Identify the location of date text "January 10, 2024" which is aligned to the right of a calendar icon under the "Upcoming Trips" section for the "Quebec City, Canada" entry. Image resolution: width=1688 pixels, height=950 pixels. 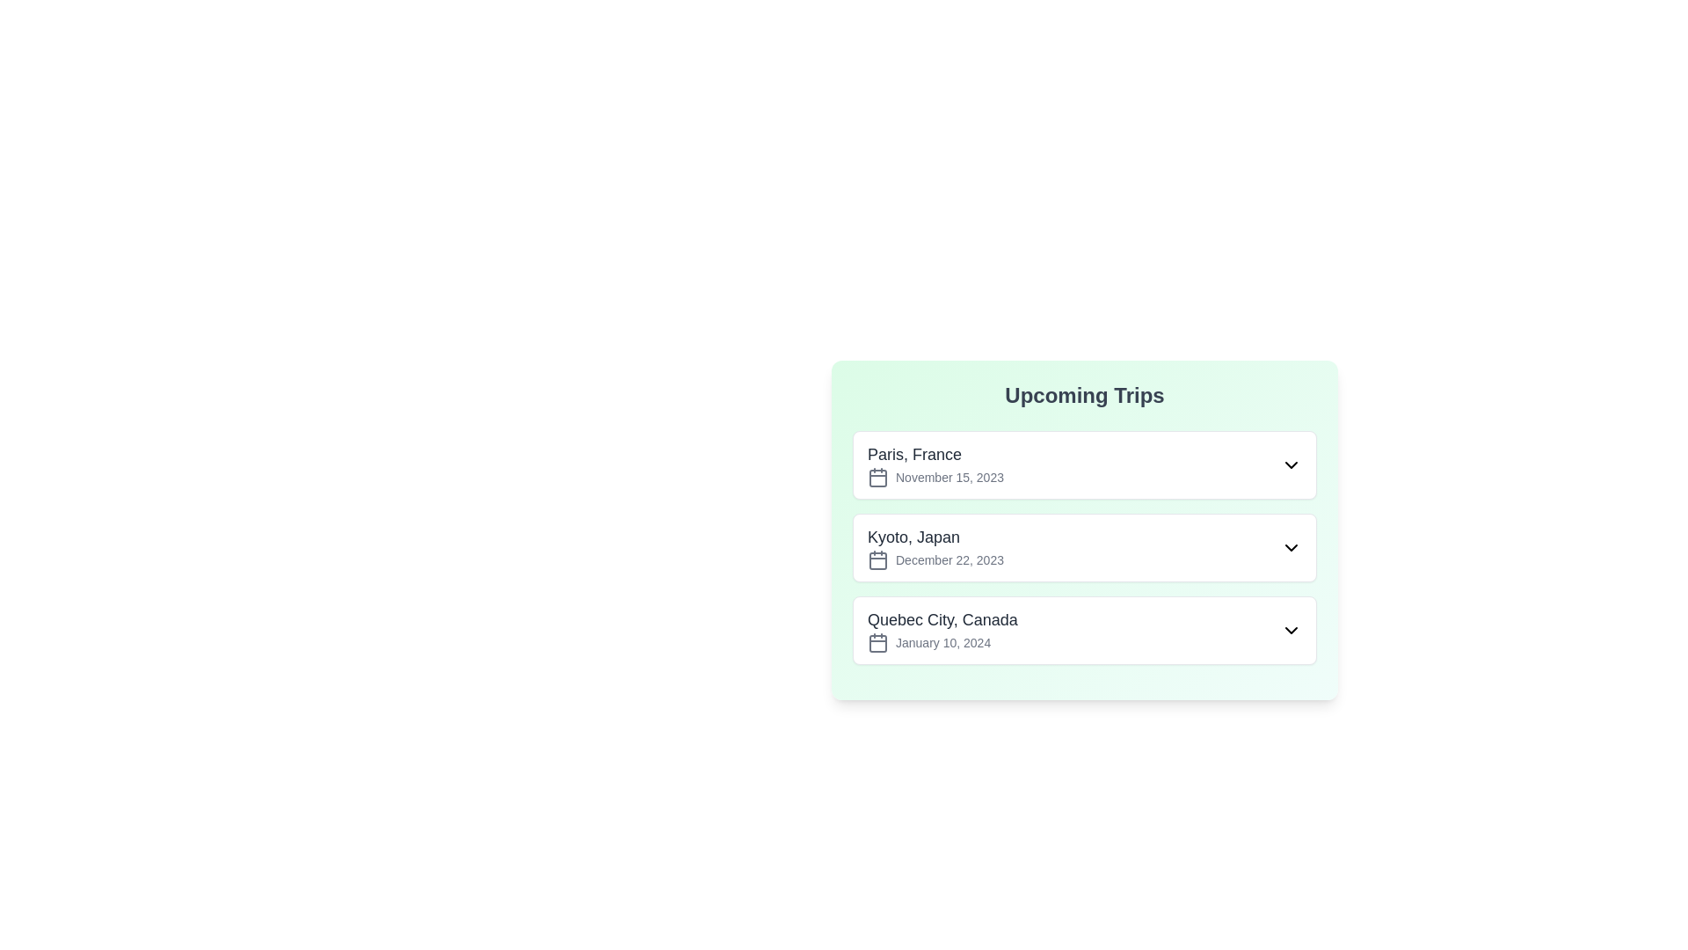
(942, 643).